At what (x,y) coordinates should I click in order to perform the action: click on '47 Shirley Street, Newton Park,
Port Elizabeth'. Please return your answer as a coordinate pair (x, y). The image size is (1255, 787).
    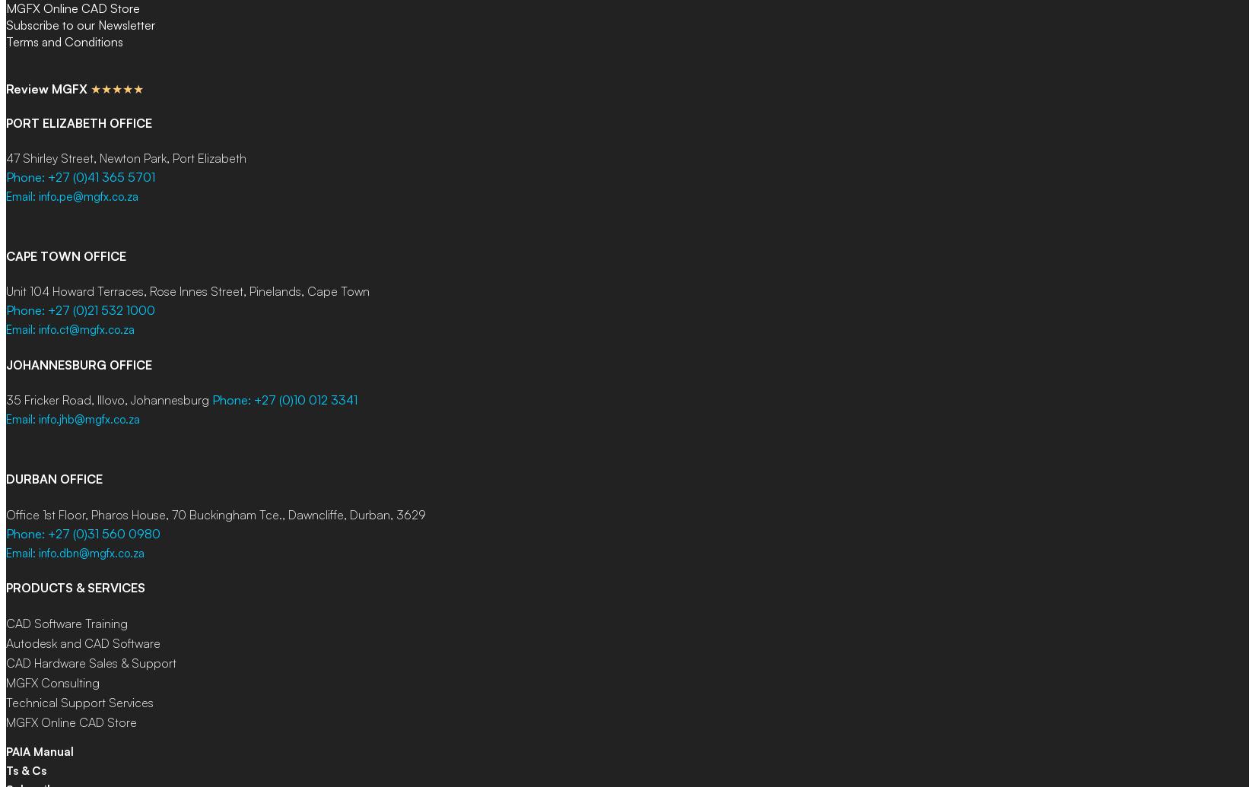
    Looking at the image, I should click on (125, 157).